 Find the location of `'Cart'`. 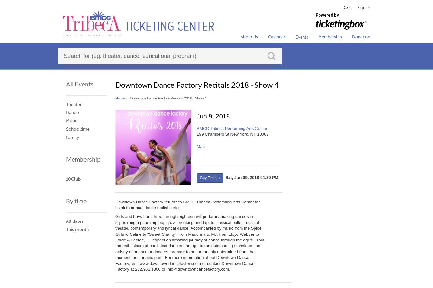

'Cart' is located at coordinates (347, 7).